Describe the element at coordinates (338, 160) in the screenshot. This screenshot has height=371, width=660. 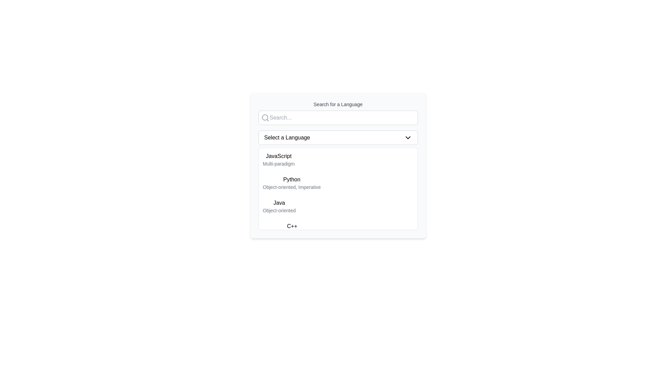
I see `the first list item for 'JavaScript' in the programming language selection list located below the 'Select a Language' dropdown` at that location.